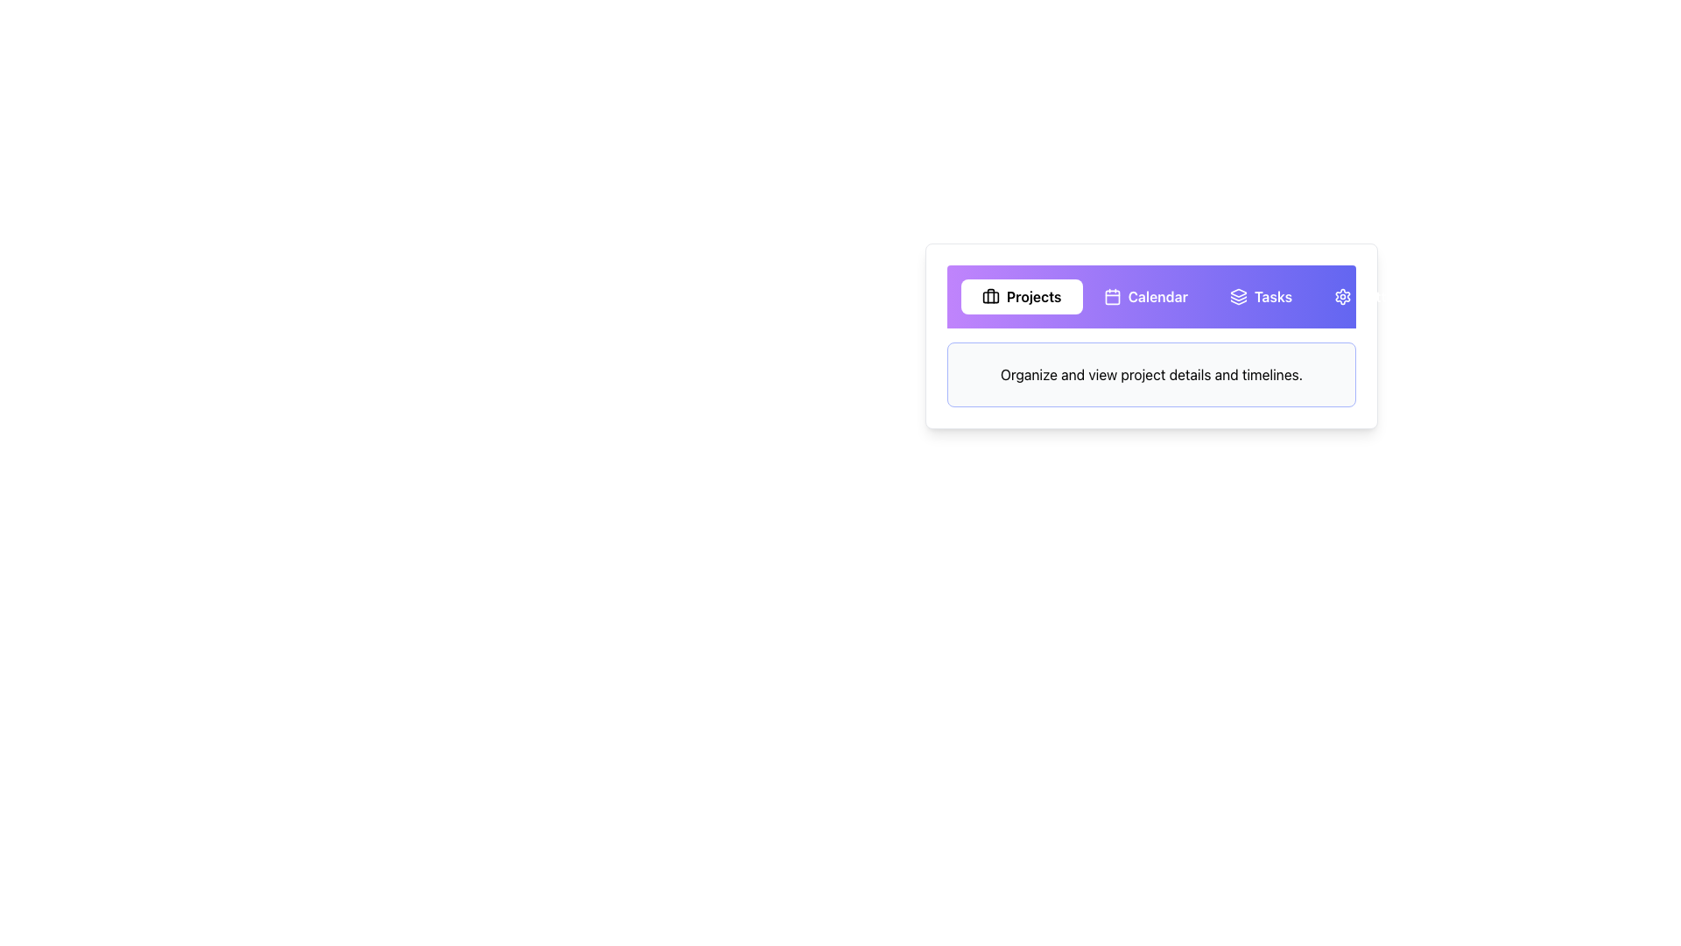 Image resolution: width=1681 pixels, height=946 pixels. Describe the element at coordinates (1022, 296) in the screenshot. I see `the 'Projects' button` at that location.